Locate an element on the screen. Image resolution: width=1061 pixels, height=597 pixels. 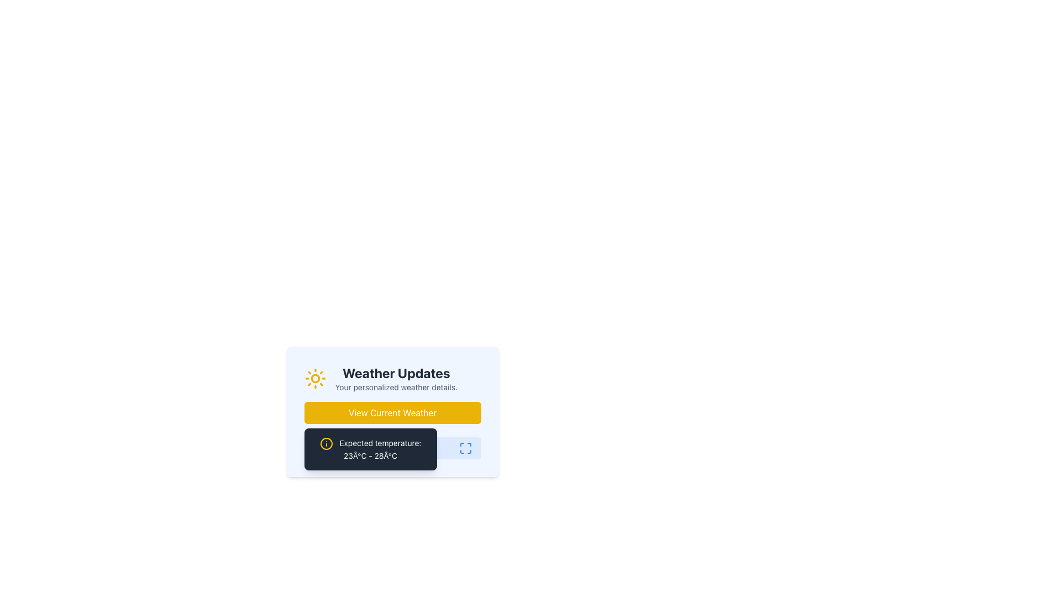
the informational box that displays the expected temperature range, located below the 'View Current Weather' button is located at coordinates (392, 460).